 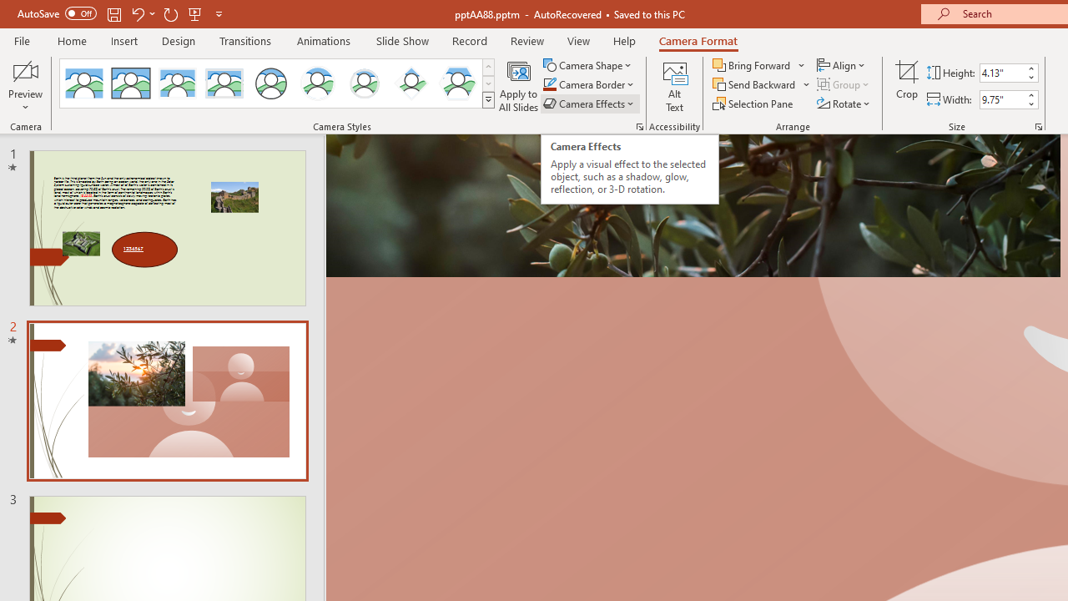 I want to click on 'AutomationID: CameoStylesGallery', so click(x=278, y=83).